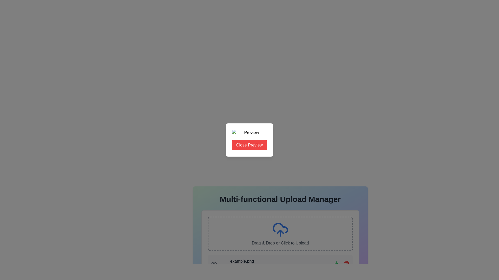  What do you see at coordinates (280, 245) in the screenshot?
I see `the File upload area located within the 'Multi-functional Upload Manager' section` at bounding box center [280, 245].